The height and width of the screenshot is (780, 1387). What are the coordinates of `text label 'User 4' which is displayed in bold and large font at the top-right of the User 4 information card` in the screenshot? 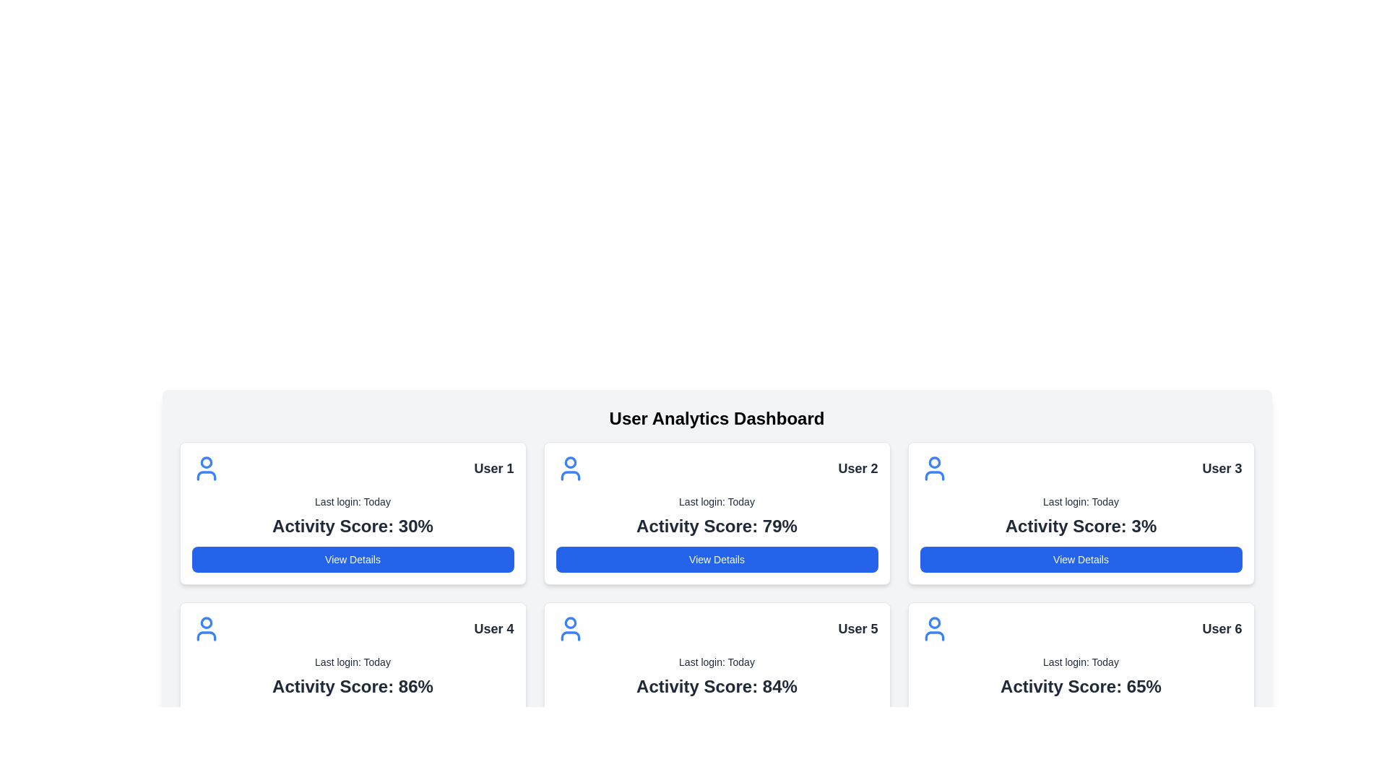 It's located at (493, 628).